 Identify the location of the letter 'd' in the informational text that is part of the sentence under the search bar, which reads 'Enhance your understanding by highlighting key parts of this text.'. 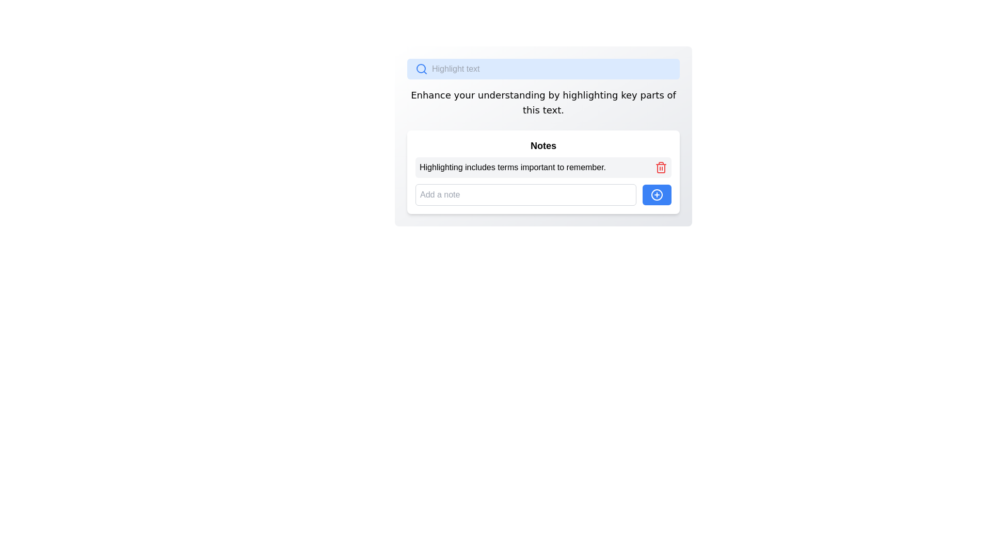
(492, 95).